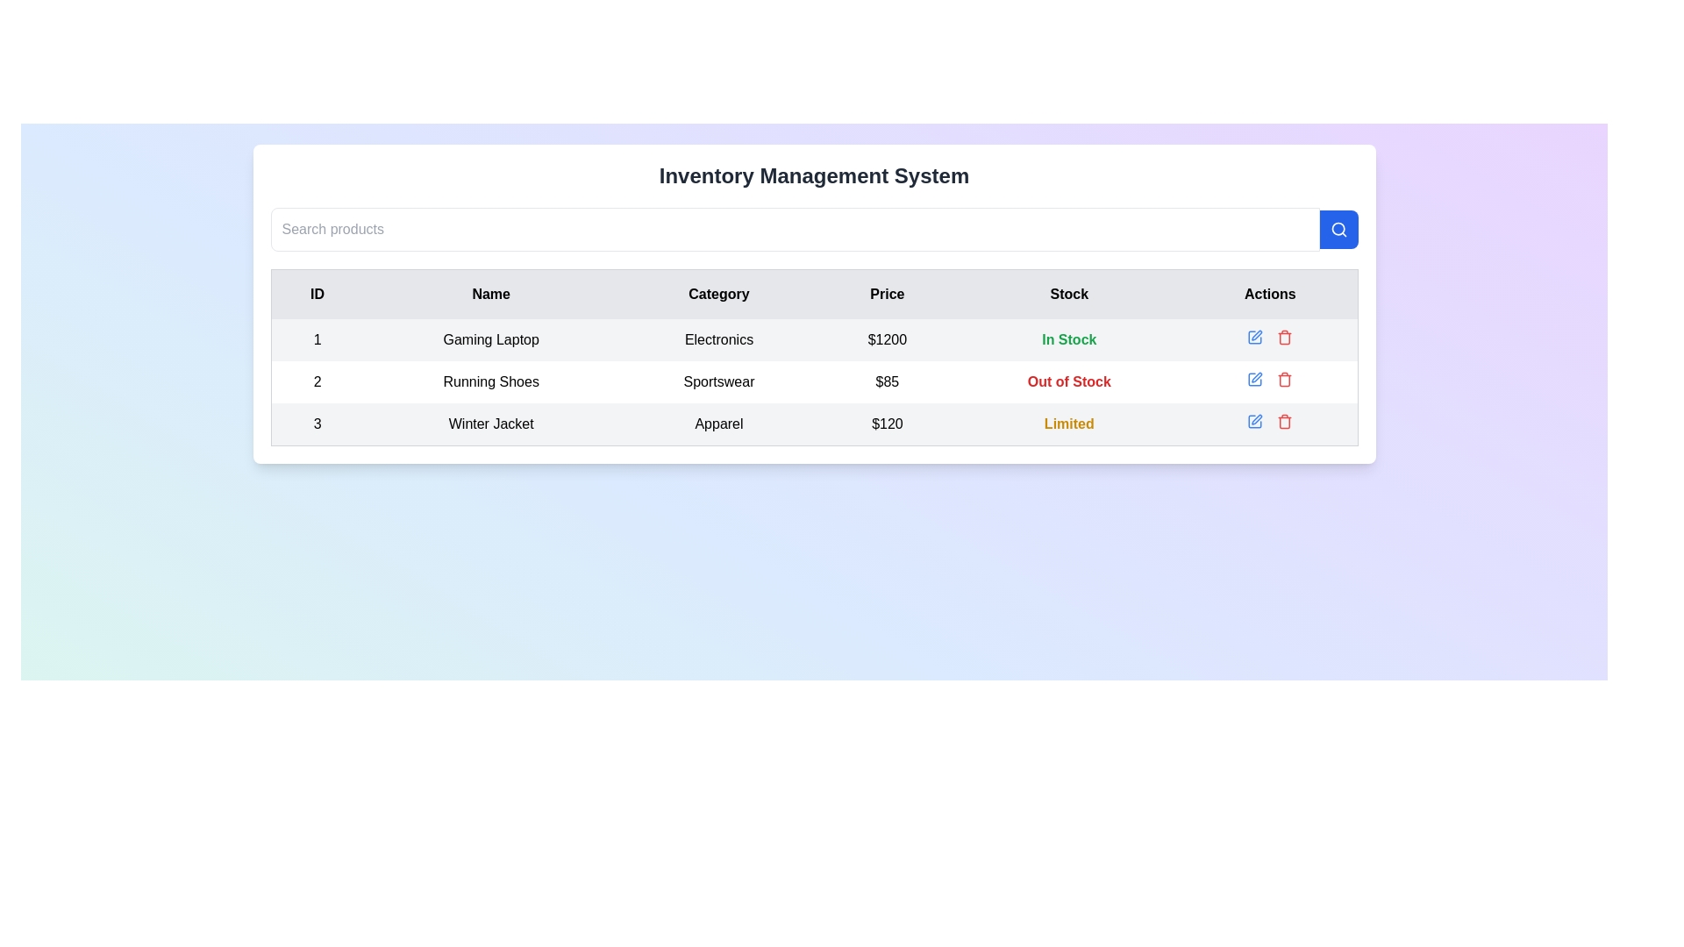 Image resolution: width=1684 pixels, height=947 pixels. Describe the element at coordinates (1337, 228) in the screenshot. I see `graphical SVG element representing the search icon located in the top-right corner of the search bar interface for debugging purposes` at that location.